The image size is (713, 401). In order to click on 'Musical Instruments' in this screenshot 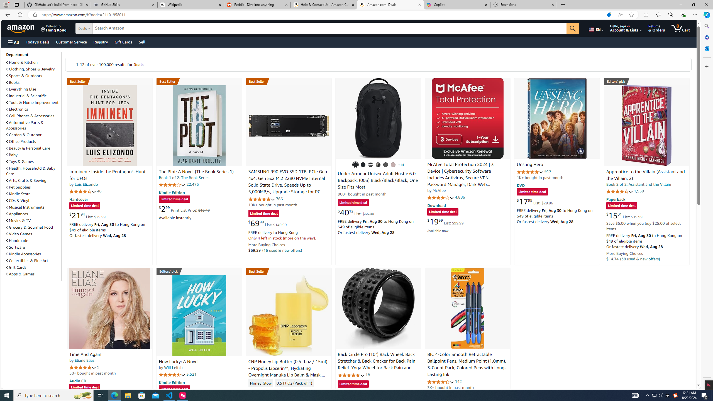, I will do `click(33, 207)`.